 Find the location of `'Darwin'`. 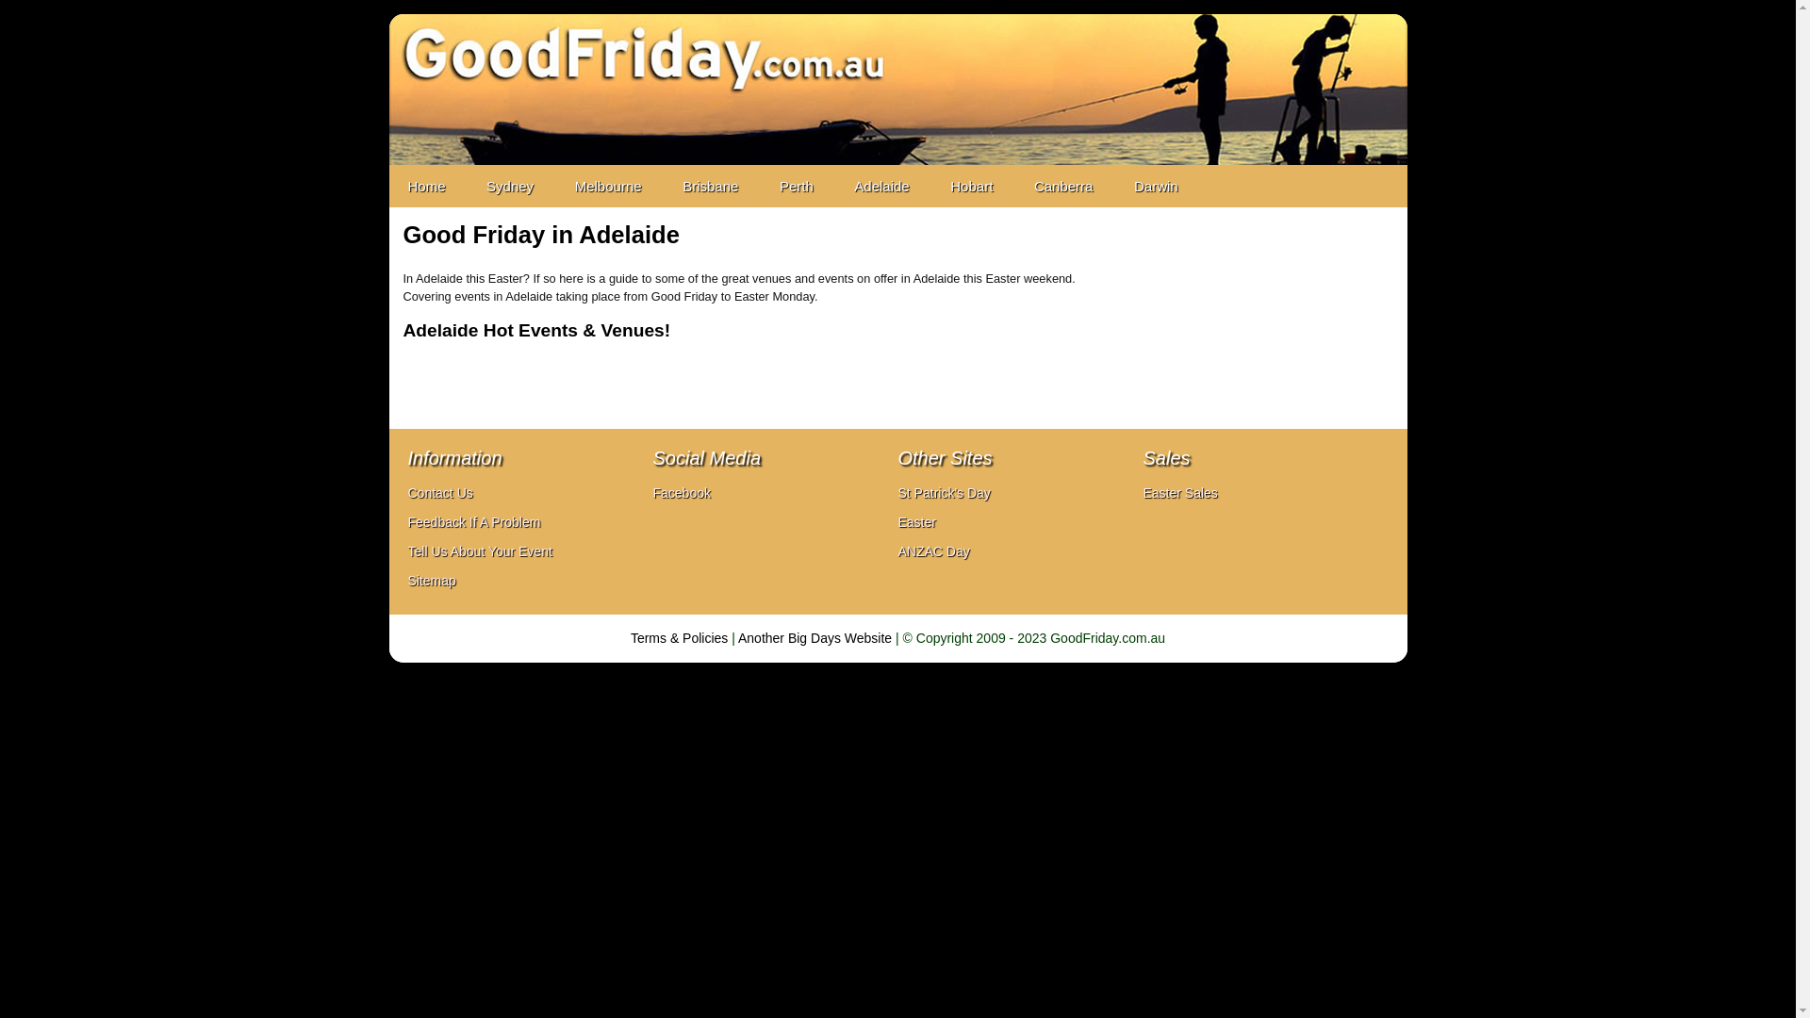

'Darwin' is located at coordinates (1155, 186).